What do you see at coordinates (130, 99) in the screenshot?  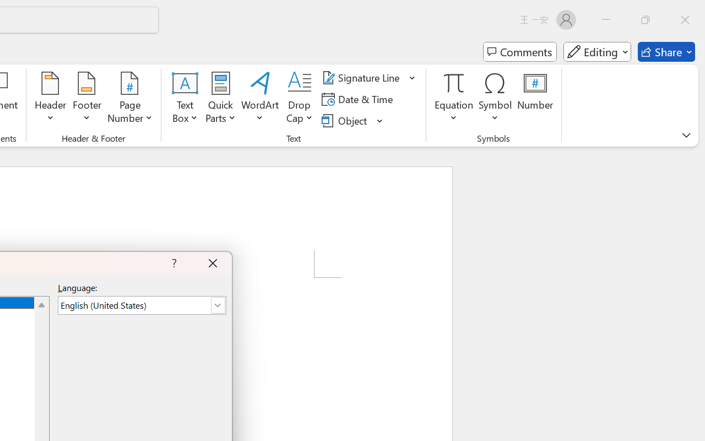 I see `'Page Number'` at bounding box center [130, 99].